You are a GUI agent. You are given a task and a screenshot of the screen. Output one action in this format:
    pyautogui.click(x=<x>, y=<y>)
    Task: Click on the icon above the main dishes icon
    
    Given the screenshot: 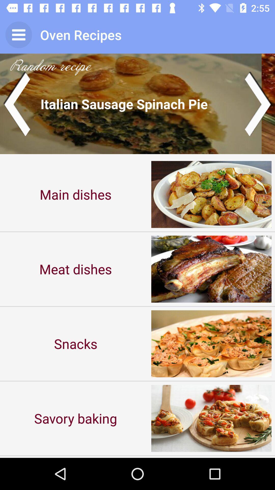 What is the action you would take?
    pyautogui.click(x=137, y=103)
    